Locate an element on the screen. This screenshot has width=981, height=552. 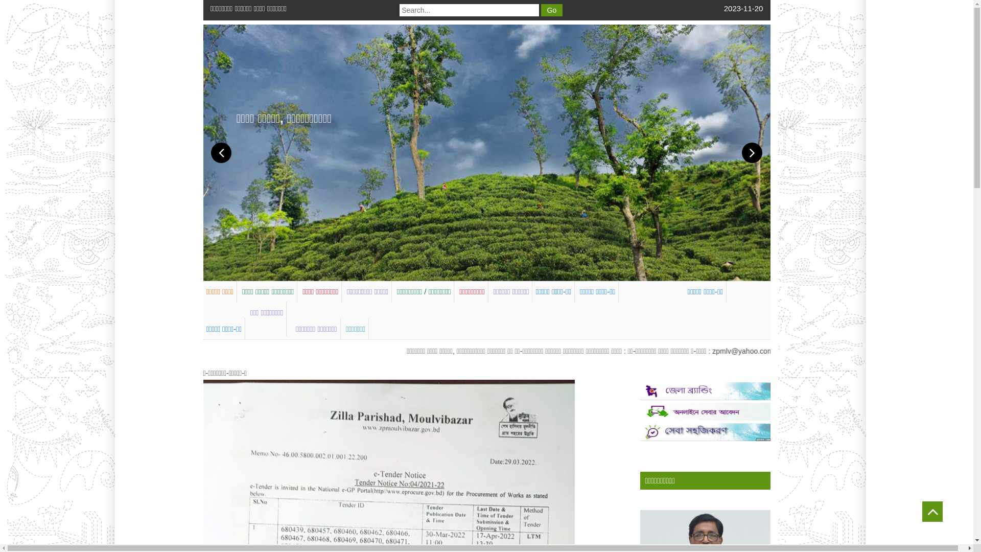
'Go' is located at coordinates (541, 10).